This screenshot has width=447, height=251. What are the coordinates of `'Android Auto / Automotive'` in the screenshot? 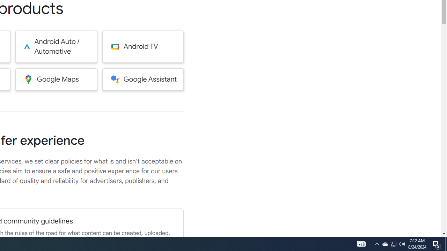 It's located at (56, 46).